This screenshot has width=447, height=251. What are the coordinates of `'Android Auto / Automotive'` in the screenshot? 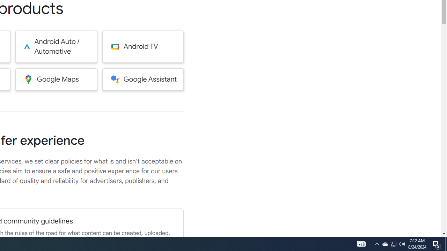 It's located at (56, 46).